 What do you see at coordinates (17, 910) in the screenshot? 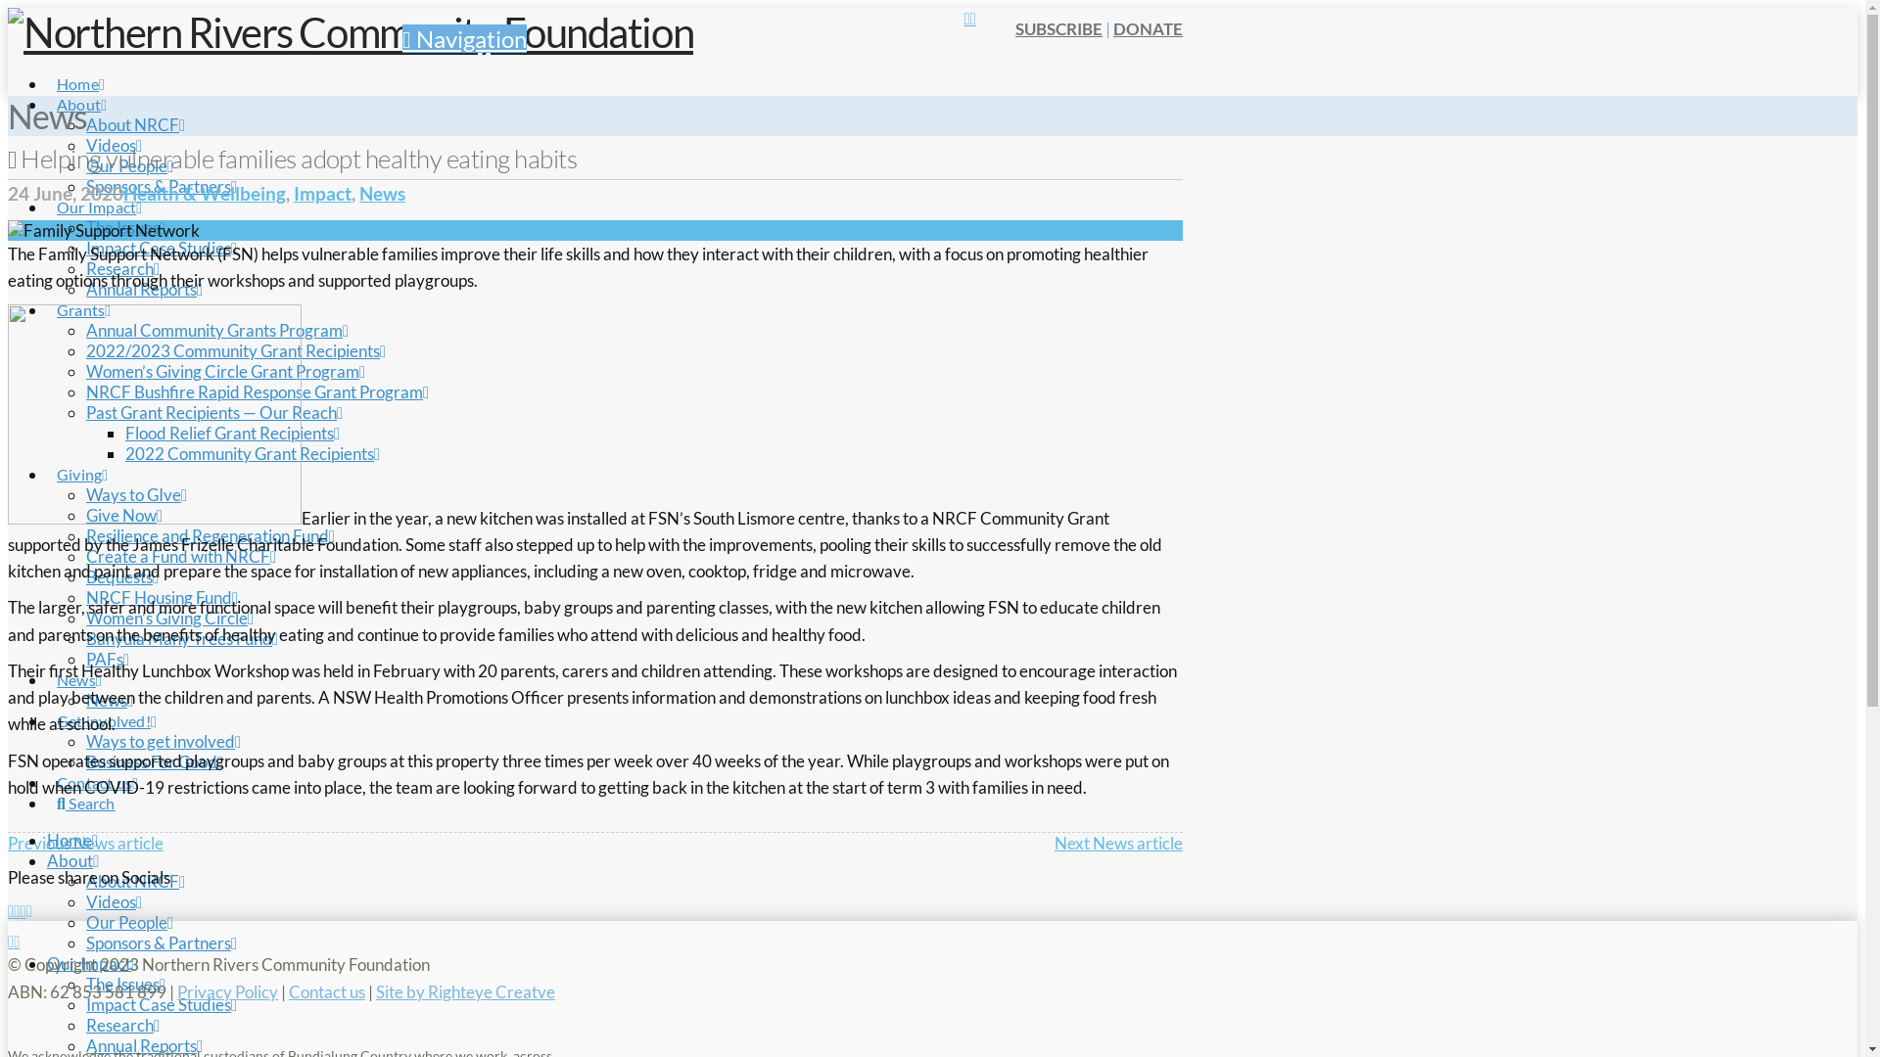
I see `'Share on Twitter'` at bounding box center [17, 910].